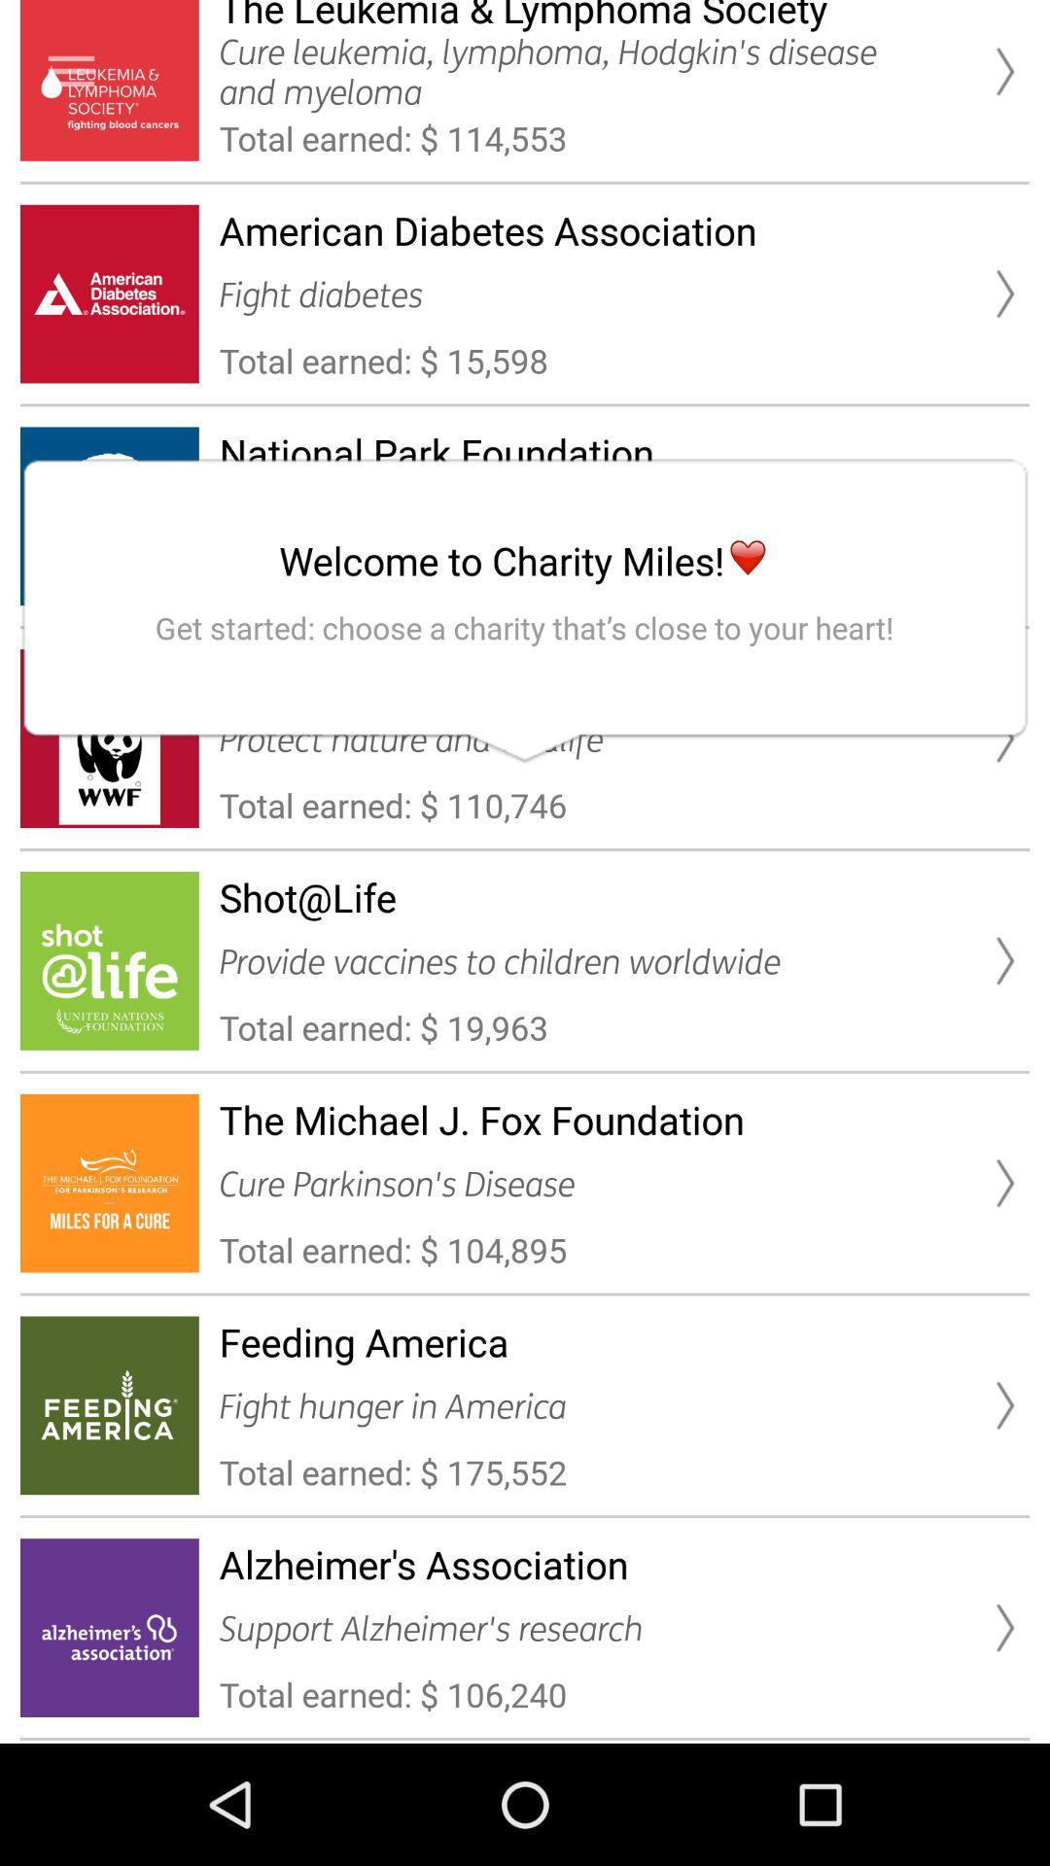 The width and height of the screenshot is (1050, 1866). What do you see at coordinates (70, 71) in the screenshot?
I see `the menu icon` at bounding box center [70, 71].